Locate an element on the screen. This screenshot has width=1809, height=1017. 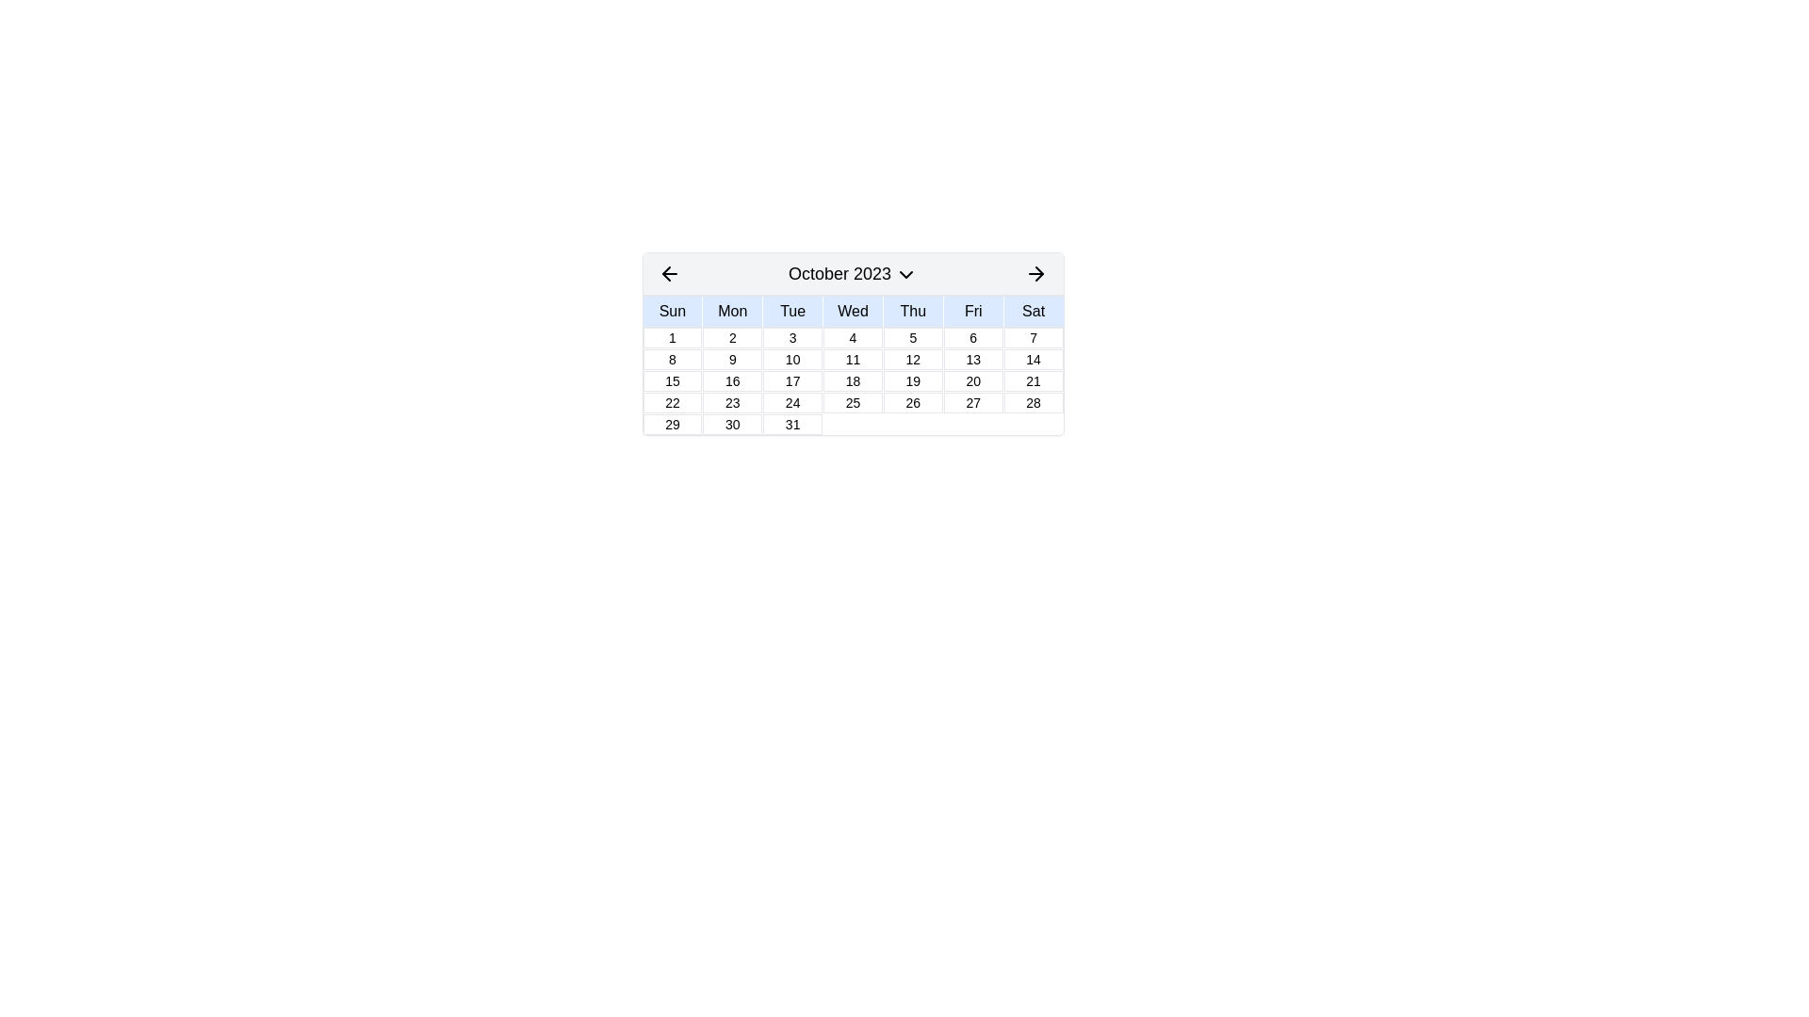
the text content displayed in the calendar grid cell located in the sixth row under the 'Tue' column is located at coordinates (792, 425).